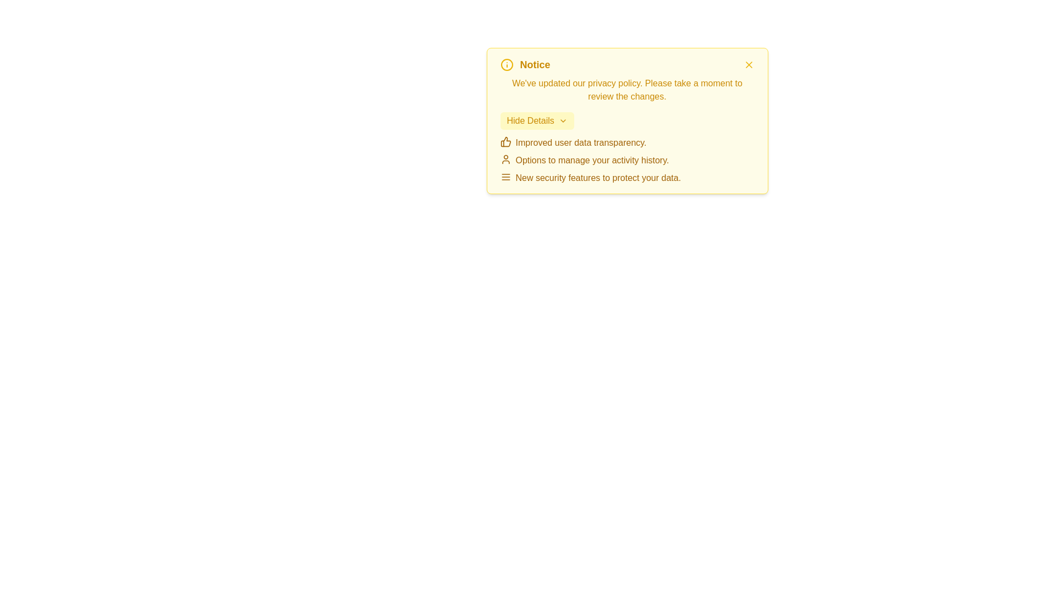 Image resolution: width=1056 pixels, height=594 pixels. What do you see at coordinates (627, 142) in the screenshot?
I see `the text label 'Improved user data transparency.' with the thumbs-up icon, styled in a yellowish tone, located in the first position of the bullet points within the yellow notification card` at bounding box center [627, 142].